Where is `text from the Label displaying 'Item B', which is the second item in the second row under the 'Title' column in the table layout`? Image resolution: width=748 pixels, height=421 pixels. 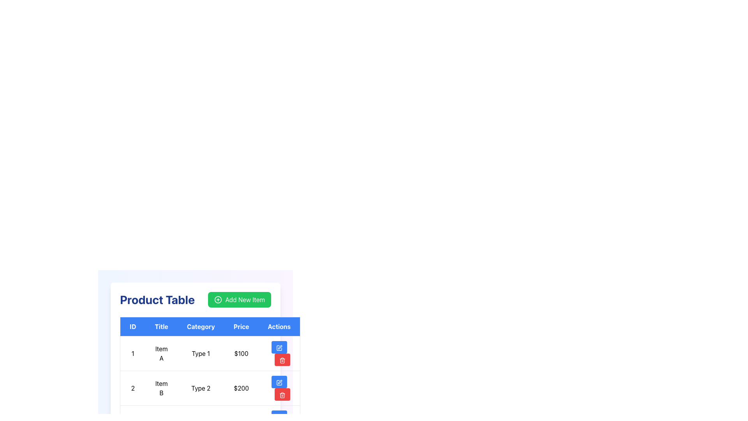
text from the Label displaying 'Item B', which is the second item in the second row under the 'Title' column in the table layout is located at coordinates (161, 388).